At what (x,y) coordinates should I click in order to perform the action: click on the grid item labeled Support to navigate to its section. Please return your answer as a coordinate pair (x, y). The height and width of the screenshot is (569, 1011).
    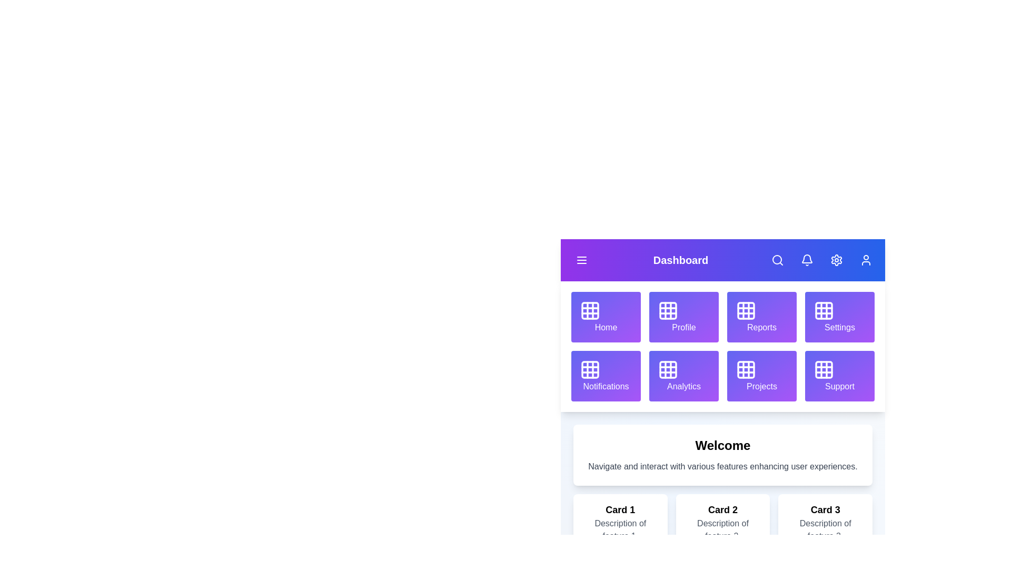
    Looking at the image, I should click on (839, 375).